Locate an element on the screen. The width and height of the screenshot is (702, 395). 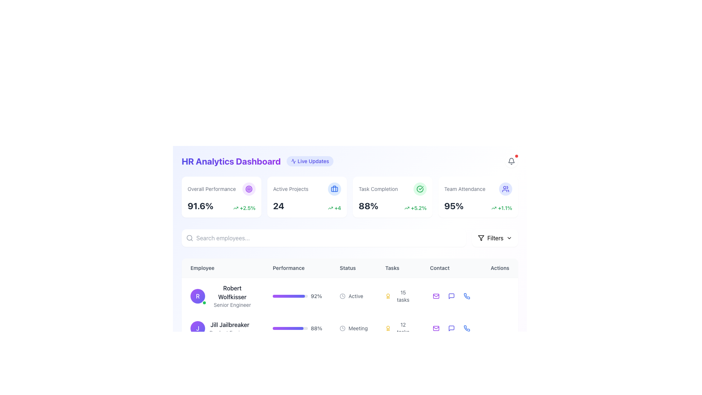
the email icon in the 'Contact' column for the first employee is located at coordinates (436, 296).